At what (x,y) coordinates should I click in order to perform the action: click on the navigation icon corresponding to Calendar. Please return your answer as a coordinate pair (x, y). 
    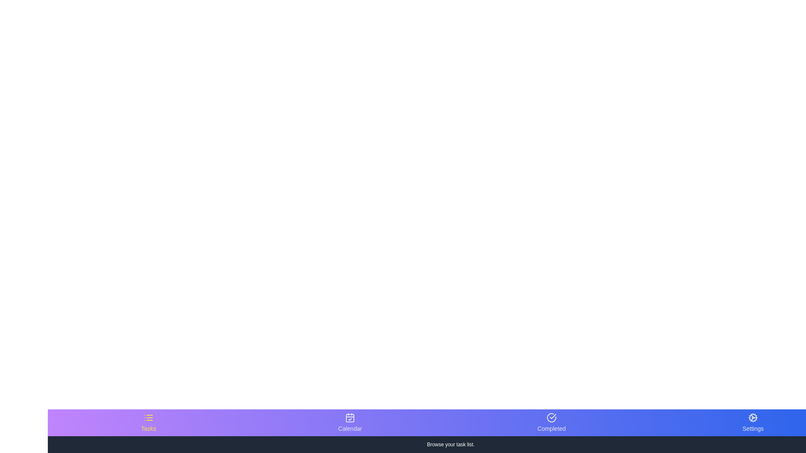
    Looking at the image, I should click on (350, 422).